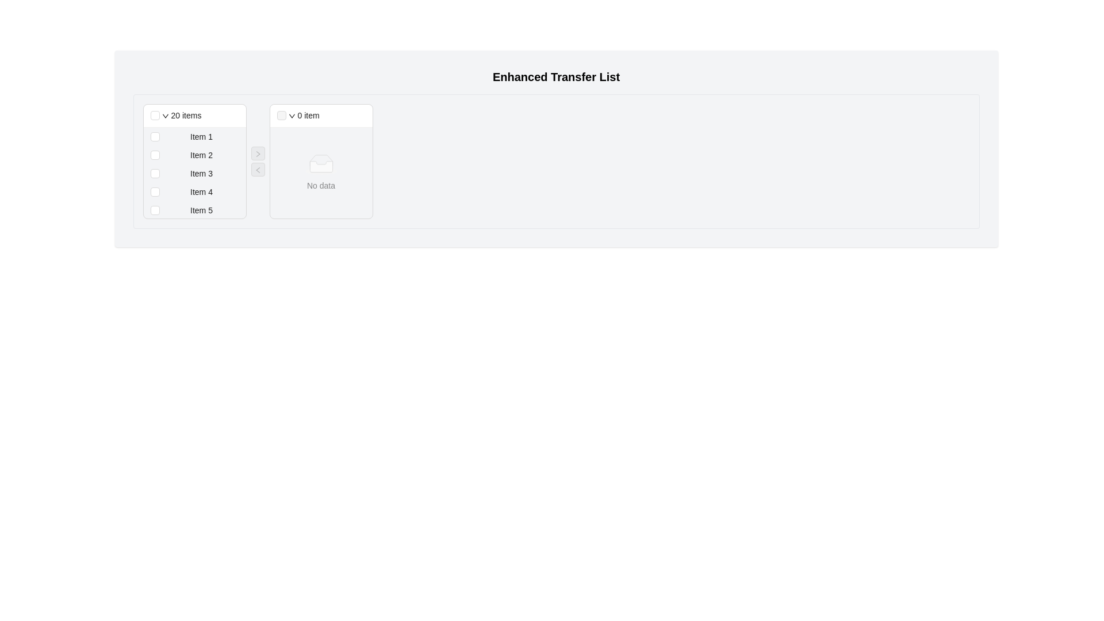  I want to click on the disabled checkbox located near the top-left corner of the right-hand panel in the transfer list interface, which is styled in light gray to signify its inactive state, so click(281, 115).